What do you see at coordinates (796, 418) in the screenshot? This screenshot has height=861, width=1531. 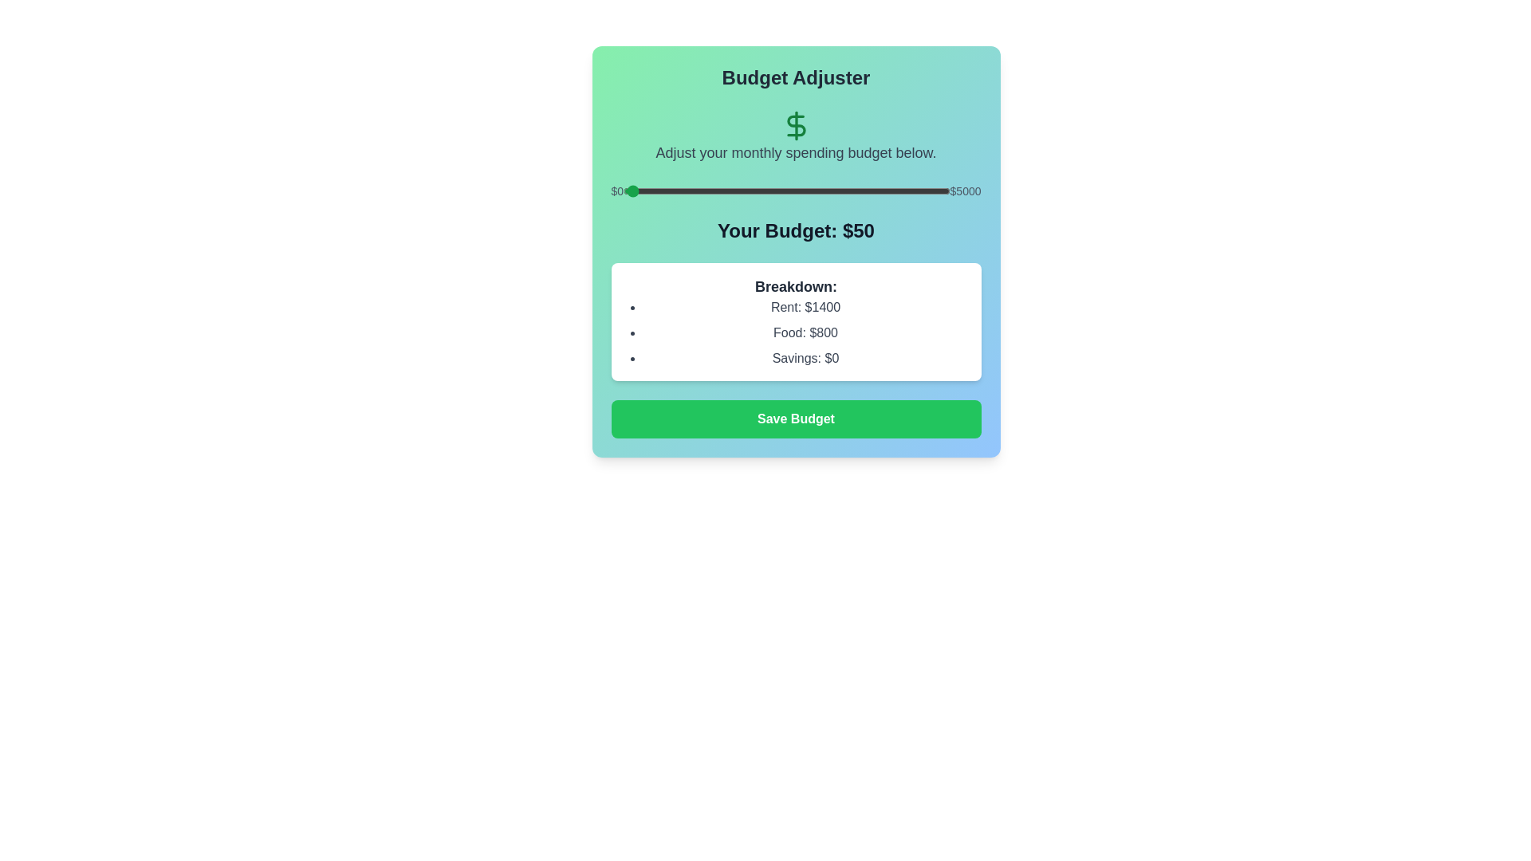 I see `'Save Budget' button to confirm the budget` at bounding box center [796, 418].